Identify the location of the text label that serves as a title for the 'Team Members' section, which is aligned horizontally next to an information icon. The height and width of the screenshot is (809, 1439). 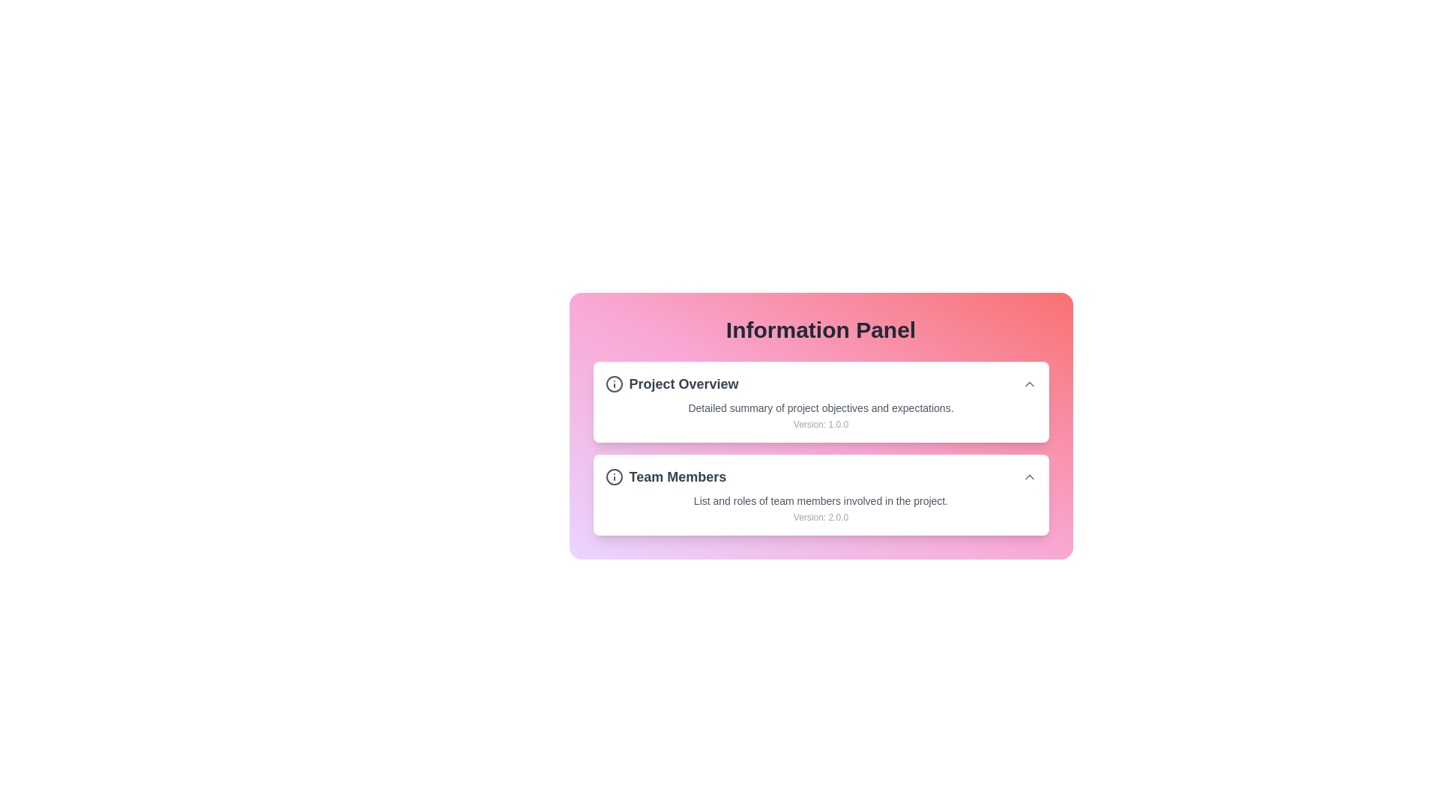
(677, 476).